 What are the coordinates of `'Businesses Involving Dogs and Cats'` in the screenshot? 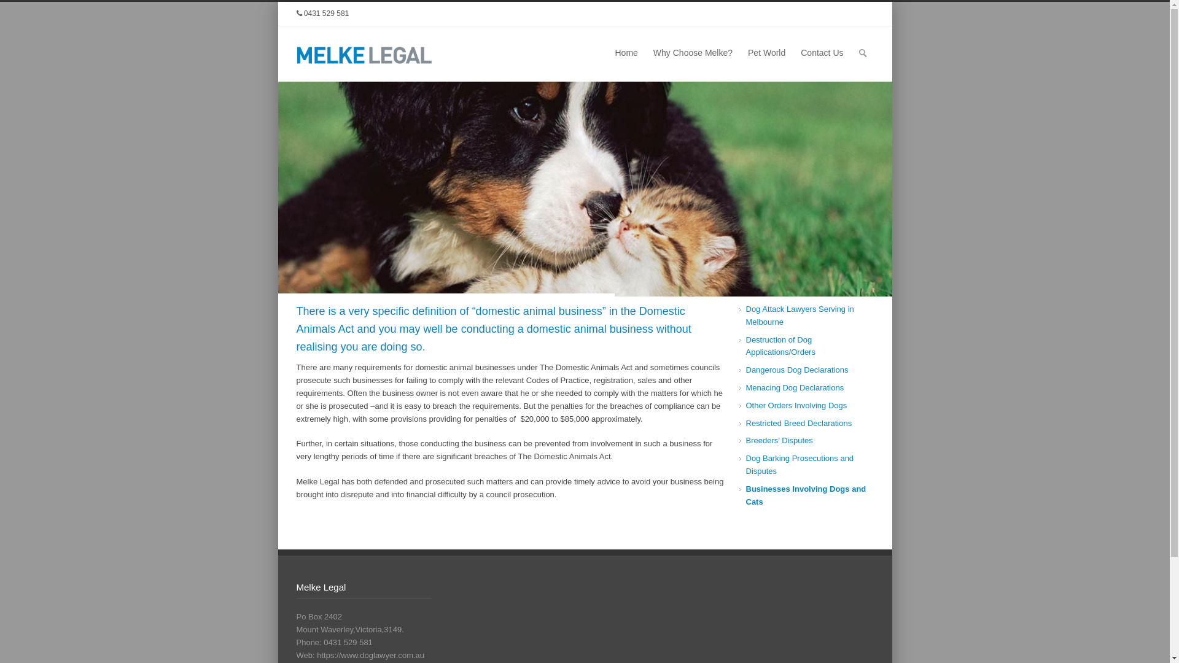 It's located at (805, 494).